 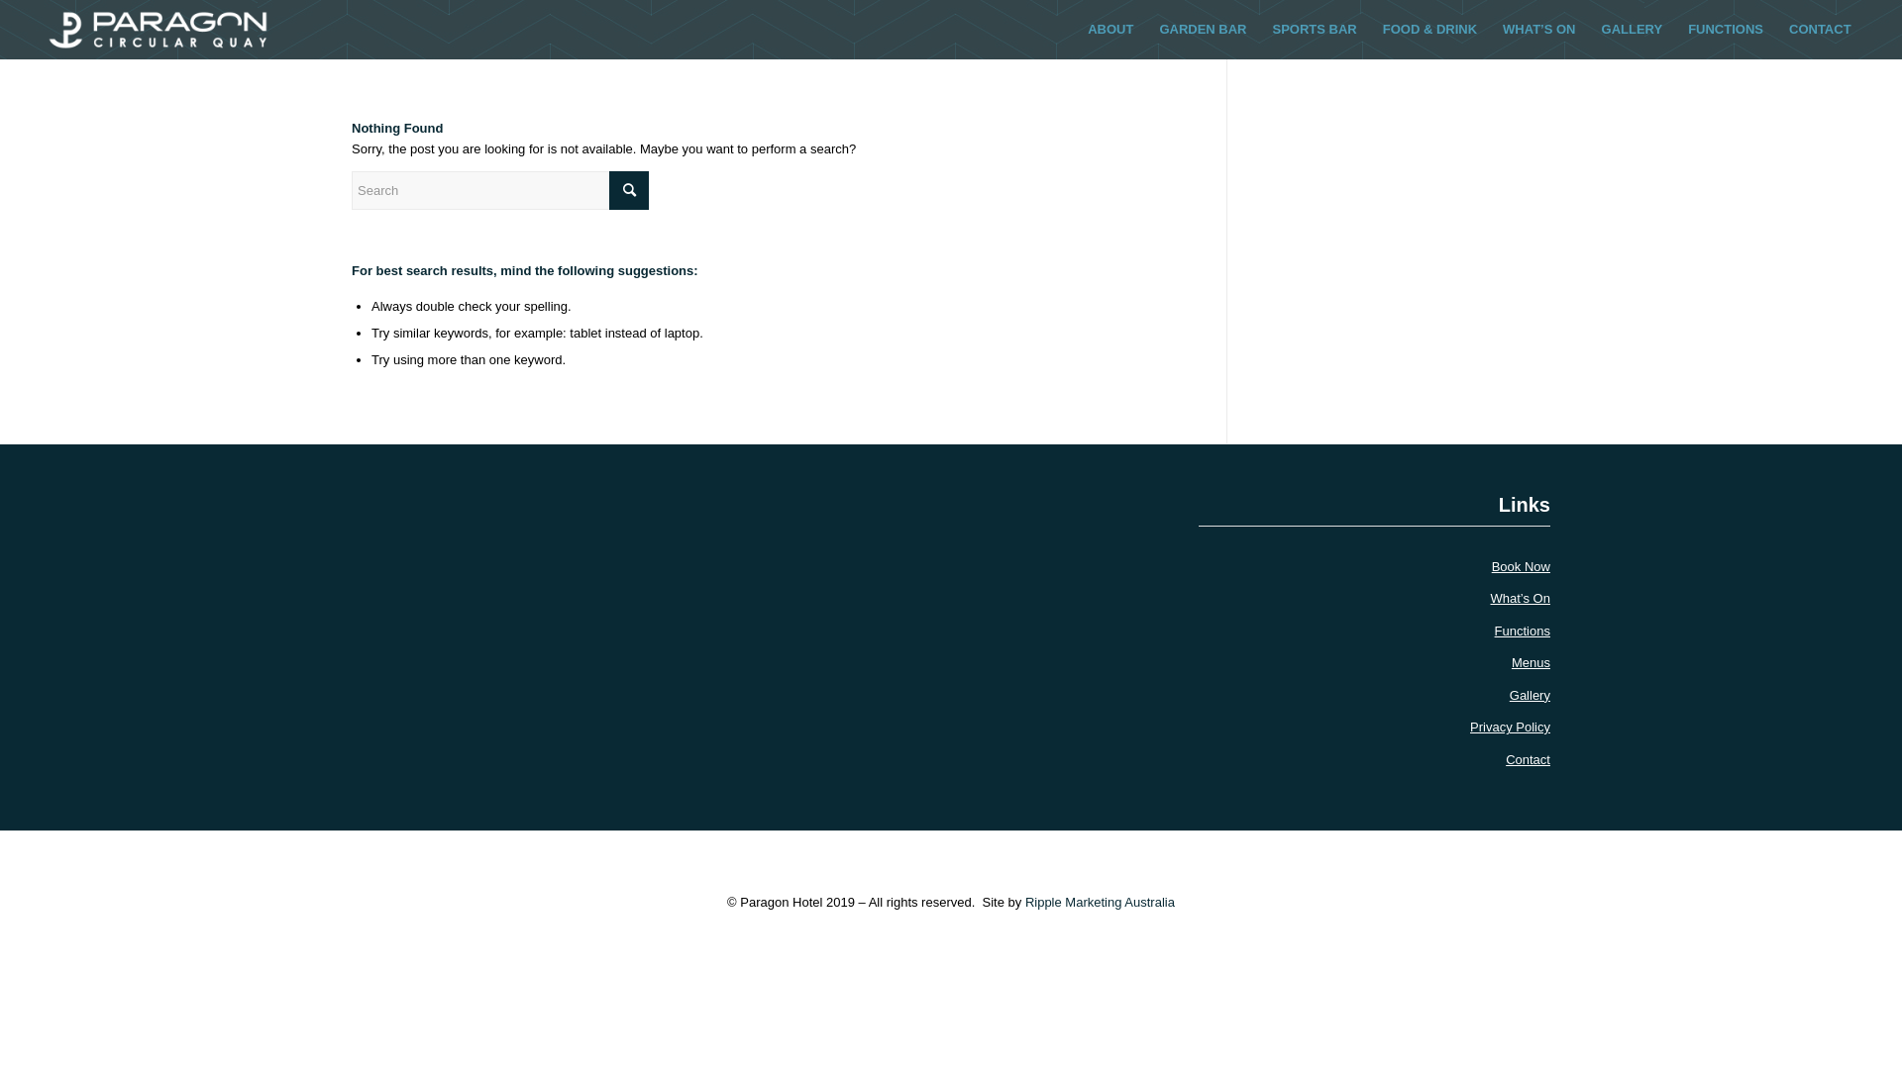 I want to click on 'Contact', so click(x=1527, y=758).